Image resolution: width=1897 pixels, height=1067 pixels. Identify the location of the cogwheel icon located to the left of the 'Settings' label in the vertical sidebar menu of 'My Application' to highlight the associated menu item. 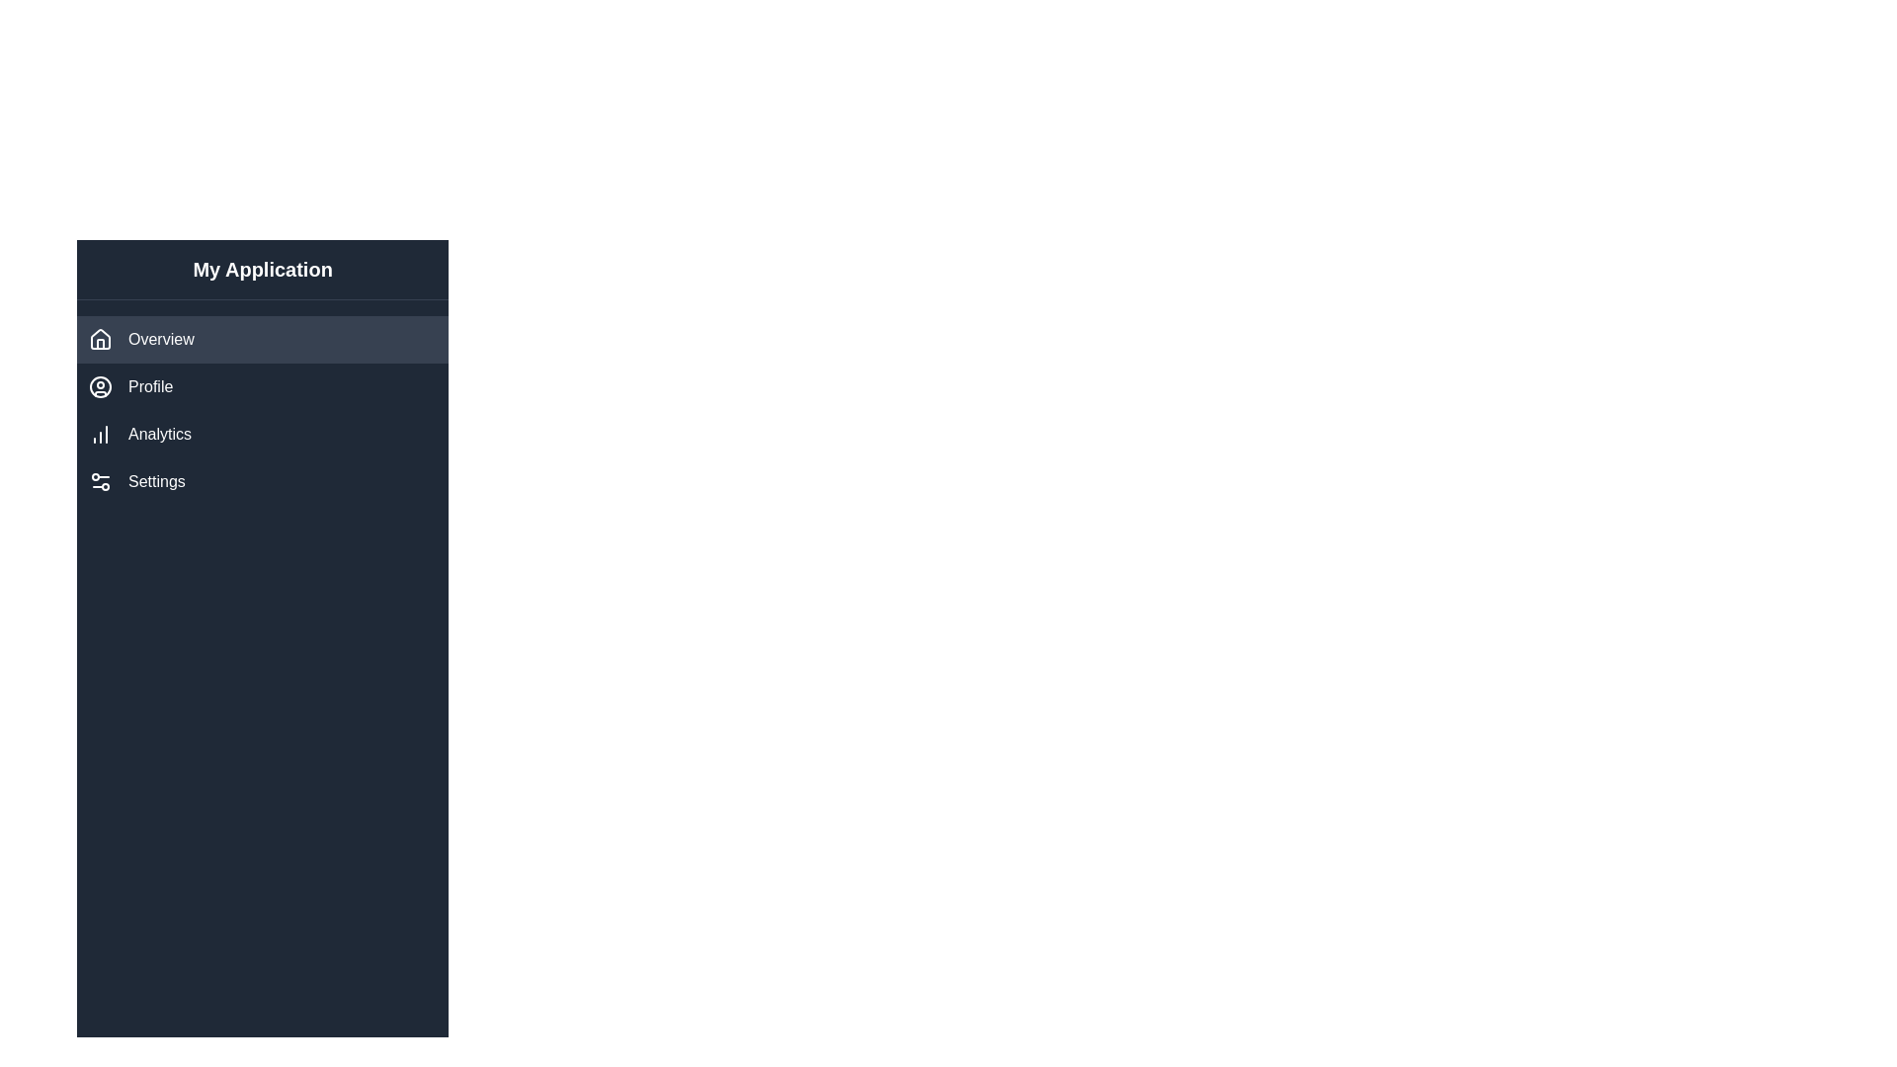
(99, 482).